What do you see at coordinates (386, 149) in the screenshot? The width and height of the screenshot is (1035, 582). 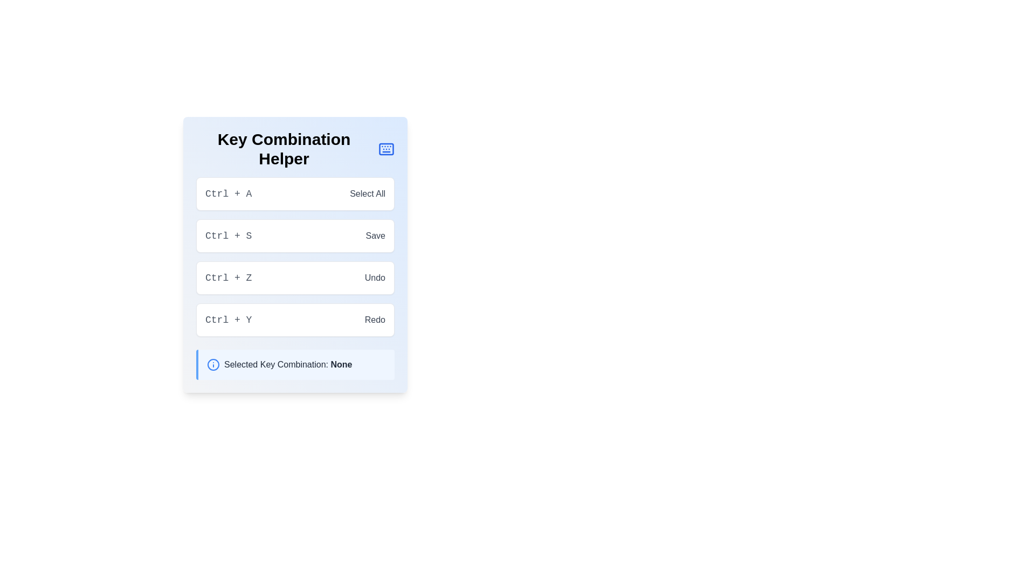 I see `the keyboard icon located in the top-right corner of the 'Key Combination Helper' interface` at bounding box center [386, 149].